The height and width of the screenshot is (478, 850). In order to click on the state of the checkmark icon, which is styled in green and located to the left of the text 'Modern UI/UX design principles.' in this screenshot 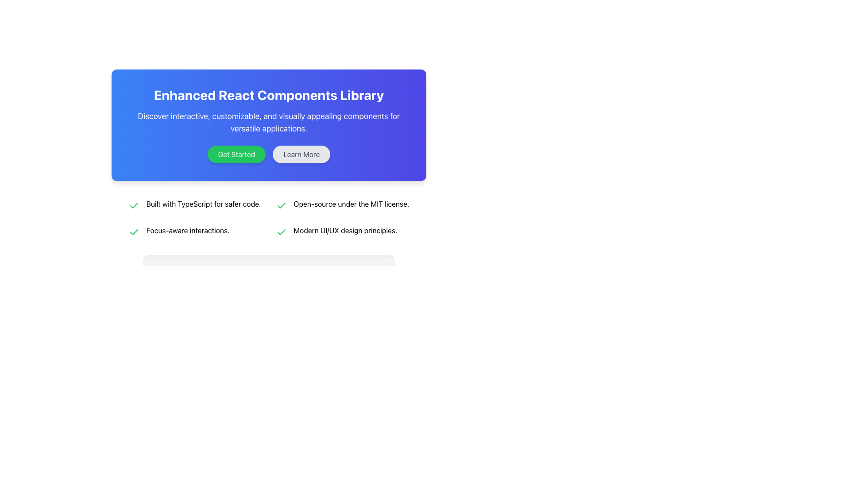, I will do `click(281, 231)`.